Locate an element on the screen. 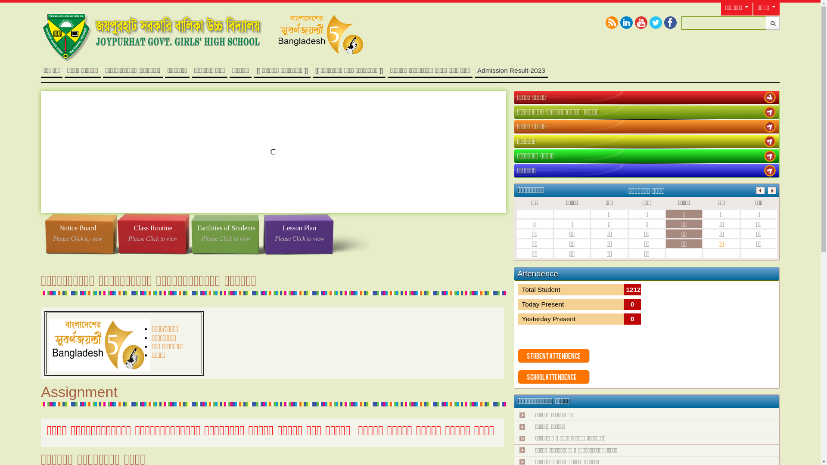 Image resolution: width=827 pixels, height=465 pixels. 'Lesson Plan is located at coordinates (262, 234).